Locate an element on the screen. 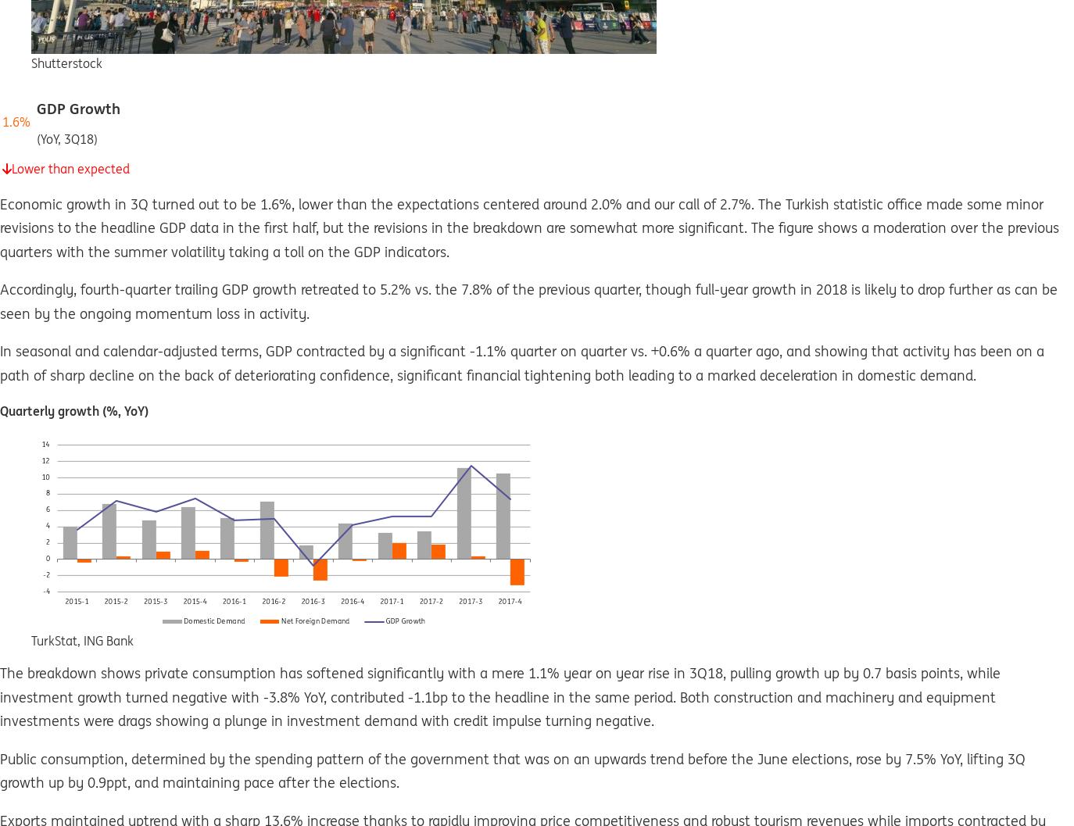  'Economic growth in 3Q turned out to be 1.6%, lower than the expectations centered around 2.0% and our call of 2.7%. The Turkish statistic office made some minor revisions to the headline GDP data in the first half, but the revisions in the breakdown are somewhat more significant. The figure shows a moderation over the previous quarters with the summer volatility taking a toll on the GDP indicators.' is located at coordinates (0, 226).